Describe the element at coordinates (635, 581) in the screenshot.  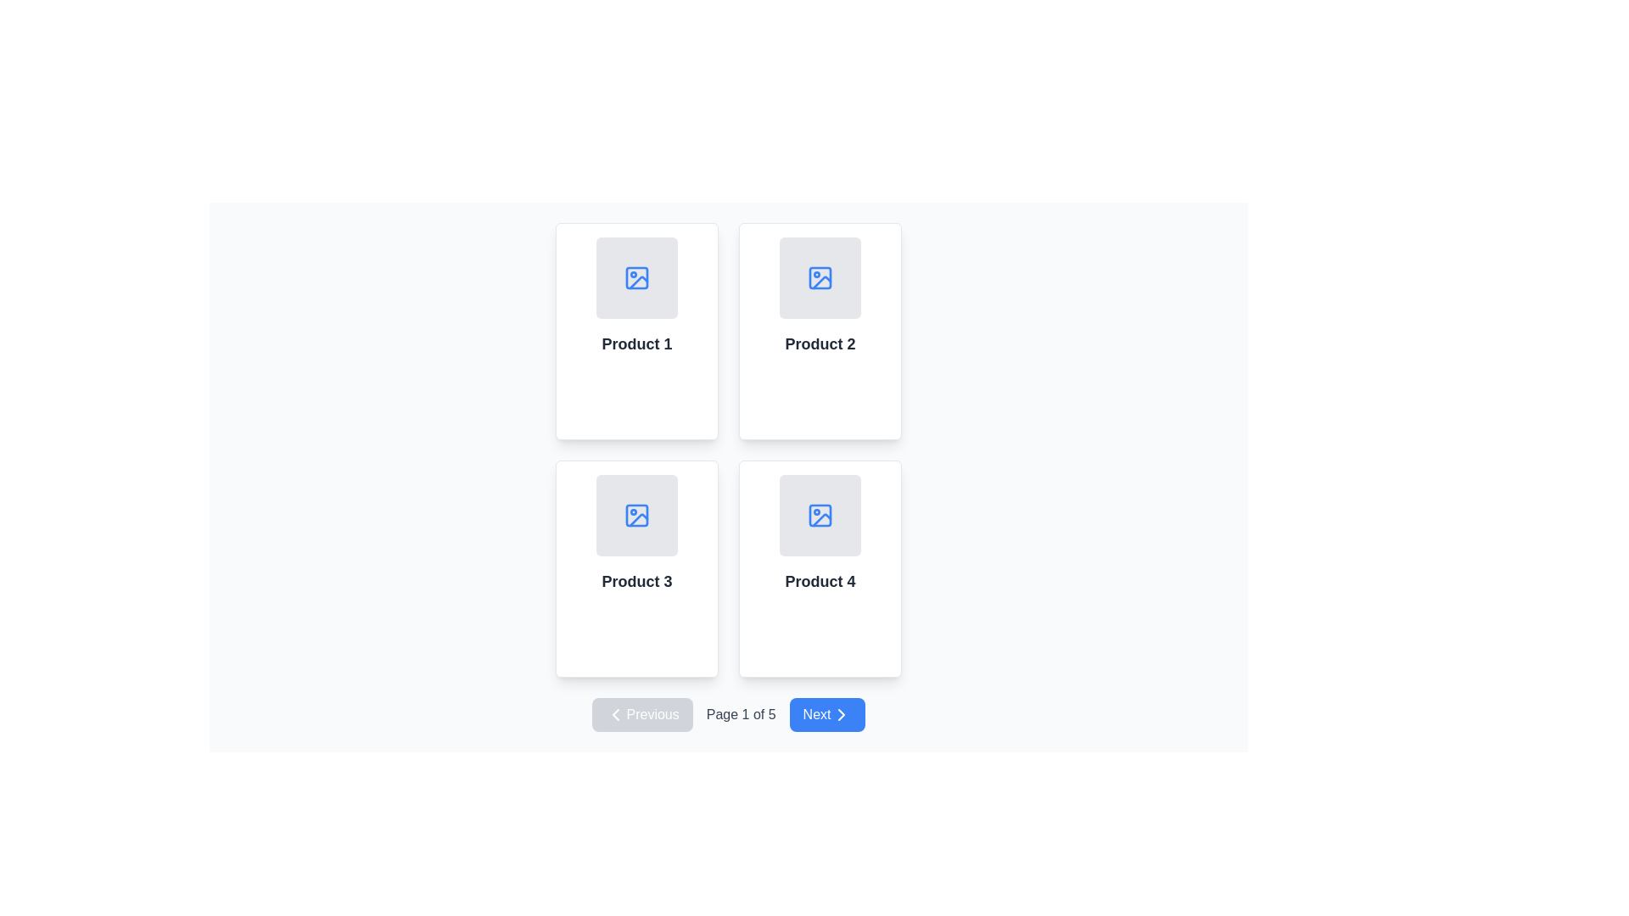
I see `text content of the label indicating 'Product 3', located at the bottom center of the third card in the second row of the grid layout` at that location.